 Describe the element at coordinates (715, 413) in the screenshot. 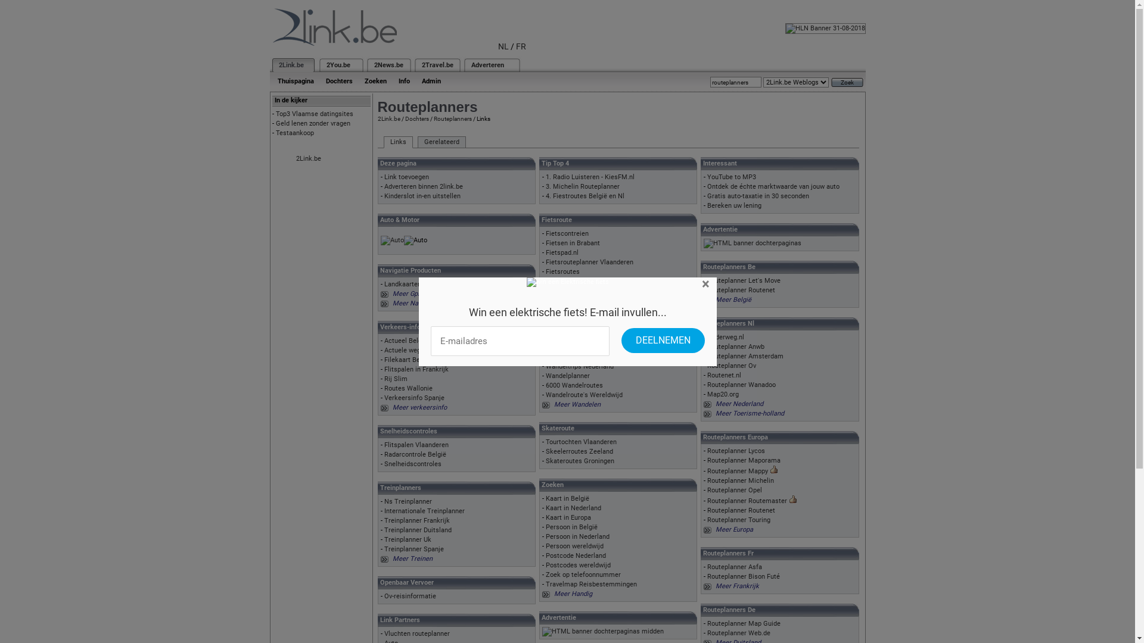

I see `'Meer Toerisme-holland'` at that location.